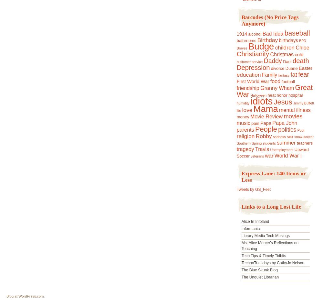 The width and height of the screenshot is (323, 305). I want to click on 'Movie Review', so click(266, 116).